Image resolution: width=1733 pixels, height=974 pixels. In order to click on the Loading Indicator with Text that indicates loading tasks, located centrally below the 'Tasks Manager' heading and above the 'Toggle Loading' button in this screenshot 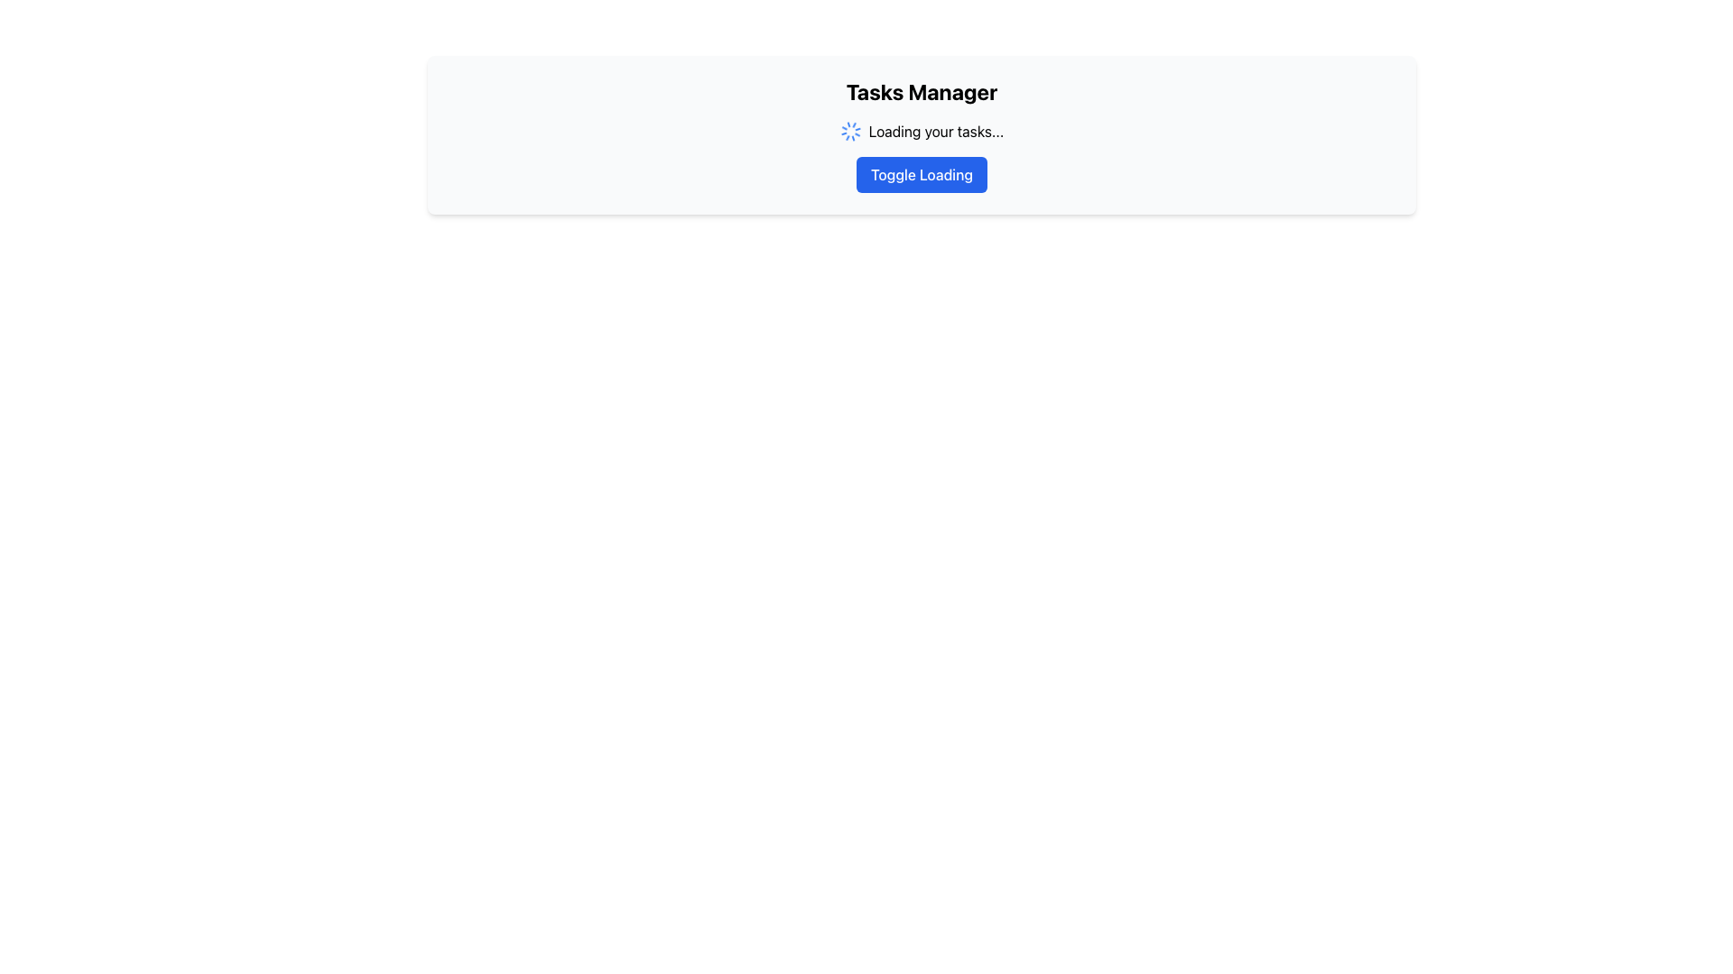, I will do `click(922, 131)`.